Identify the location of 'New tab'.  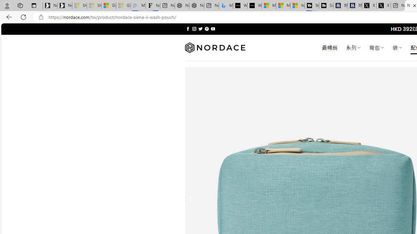
(397, 6).